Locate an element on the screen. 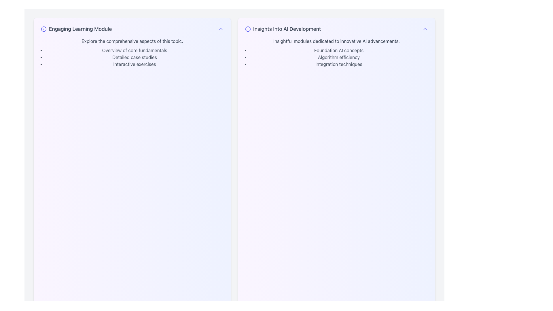  the introductory summary text element located directly below the section header for 'Insights Into AI Development' is located at coordinates (336, 41).